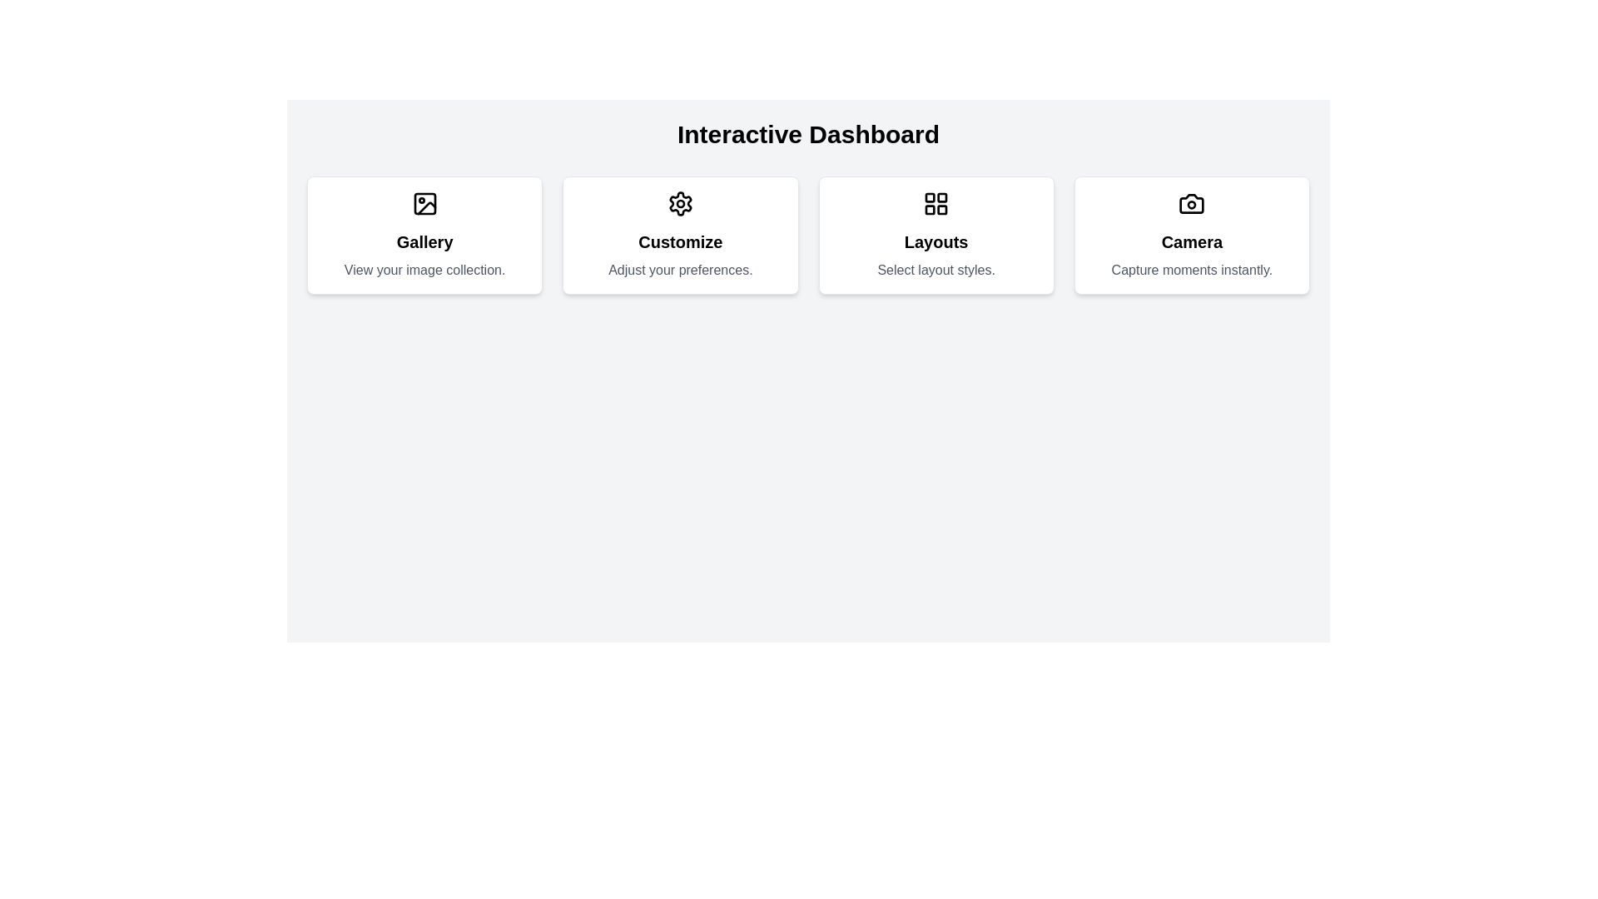 The width and height of the screenshot is (1598, 899). What do you see at coordinates (1191, 203) in the screenshot?
I see `the main body of the camera icon, which visually identifies the 'Camera' functionality` at bounding box center [1191, 203].